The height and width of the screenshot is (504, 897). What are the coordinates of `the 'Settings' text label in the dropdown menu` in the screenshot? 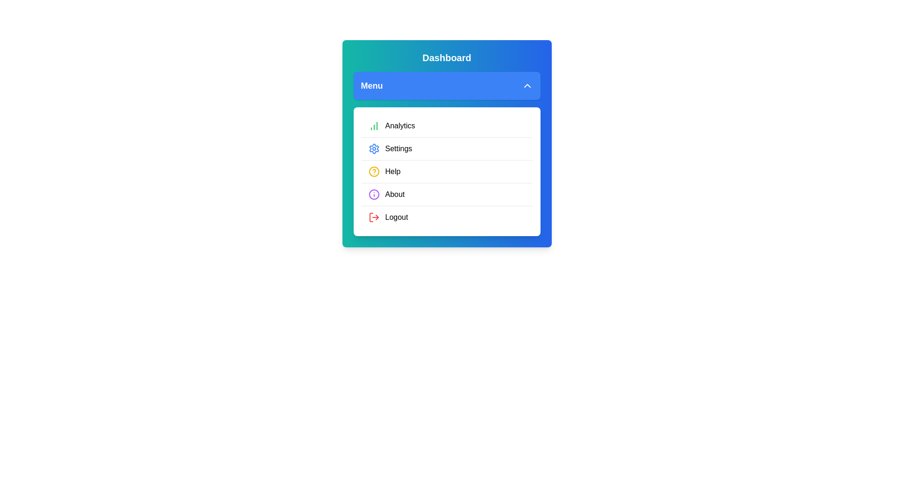 It's located at (399, 148).